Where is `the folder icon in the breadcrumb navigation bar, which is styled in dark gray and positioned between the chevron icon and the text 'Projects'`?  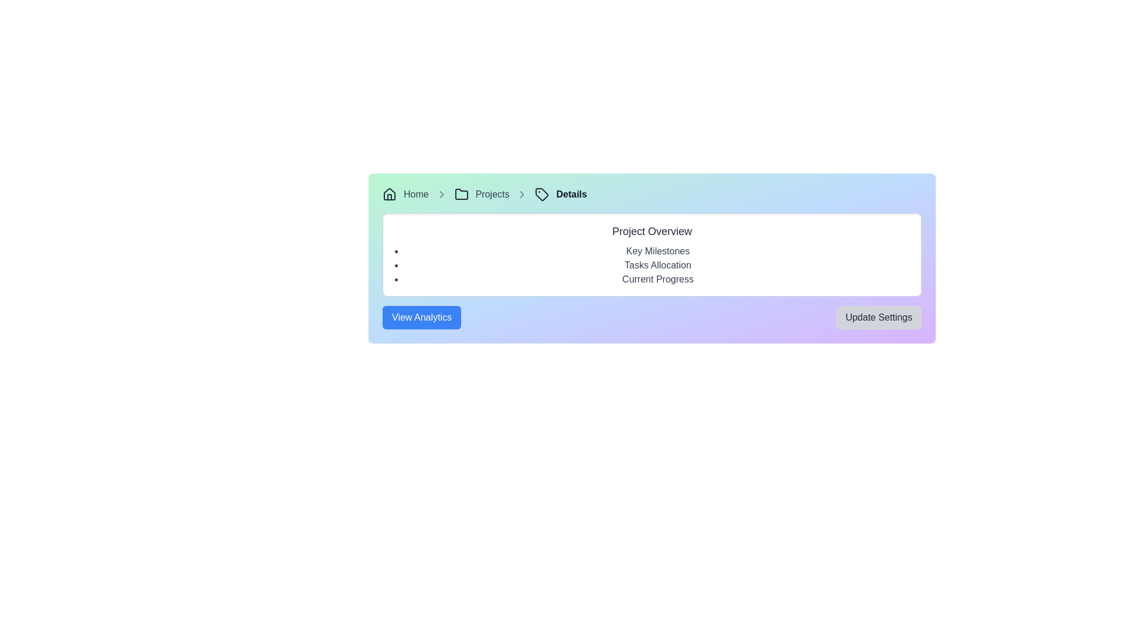
the folder icon in the breadcrumb navigation bar, which is styled in dark gray and positioned between the chevron icon and the text 'Projects' is located at coordinates (461, 193).